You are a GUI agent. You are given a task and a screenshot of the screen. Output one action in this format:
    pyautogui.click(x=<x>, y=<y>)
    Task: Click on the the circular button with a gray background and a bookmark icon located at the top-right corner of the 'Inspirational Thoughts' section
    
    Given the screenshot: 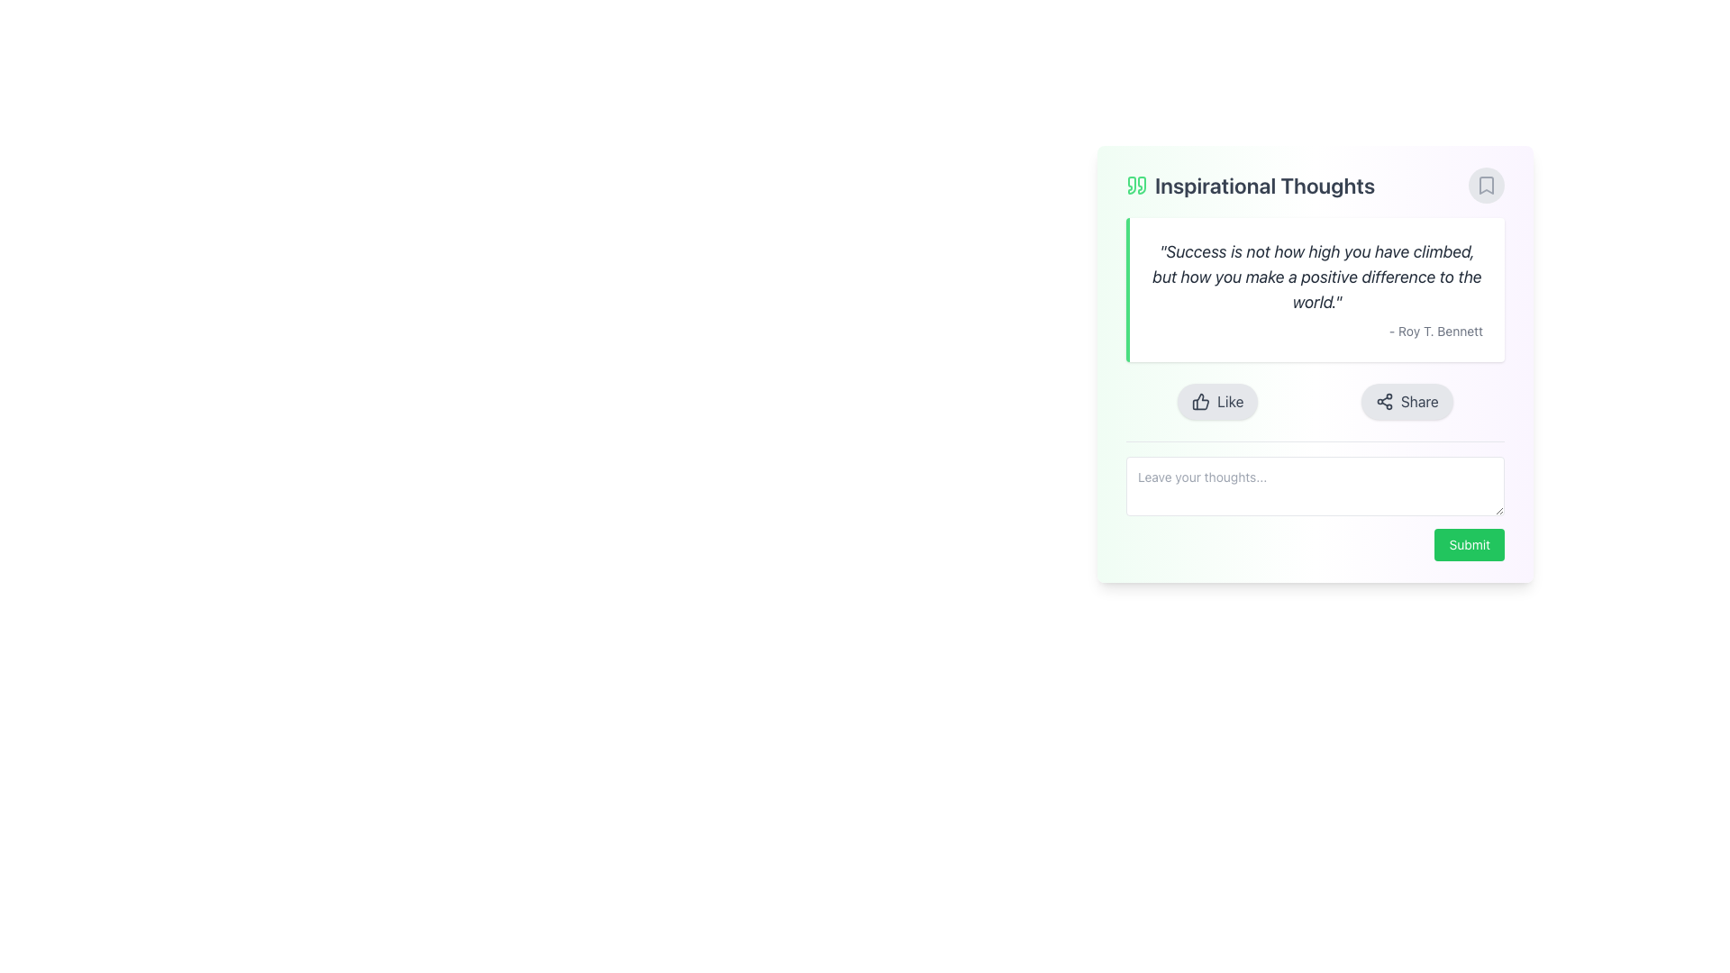 What is the action you would take?
    pyautogui.click(x=1487, y=185)
    